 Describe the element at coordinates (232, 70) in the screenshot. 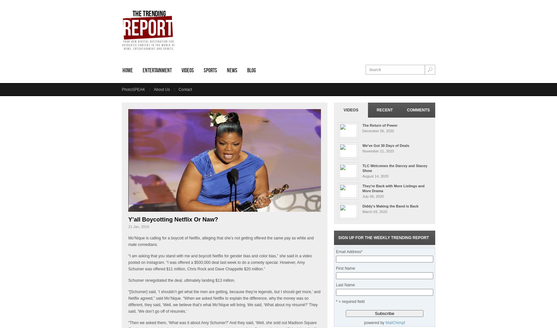

I see `'News'` at that location.